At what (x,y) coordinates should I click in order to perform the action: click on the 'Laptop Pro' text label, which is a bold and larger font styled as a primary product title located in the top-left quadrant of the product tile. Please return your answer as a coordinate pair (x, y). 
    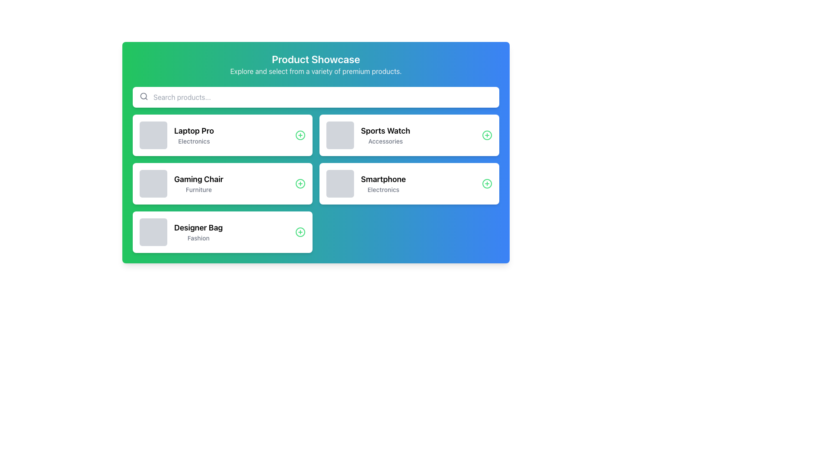
    Looking at the image, I should click on (193, 131).